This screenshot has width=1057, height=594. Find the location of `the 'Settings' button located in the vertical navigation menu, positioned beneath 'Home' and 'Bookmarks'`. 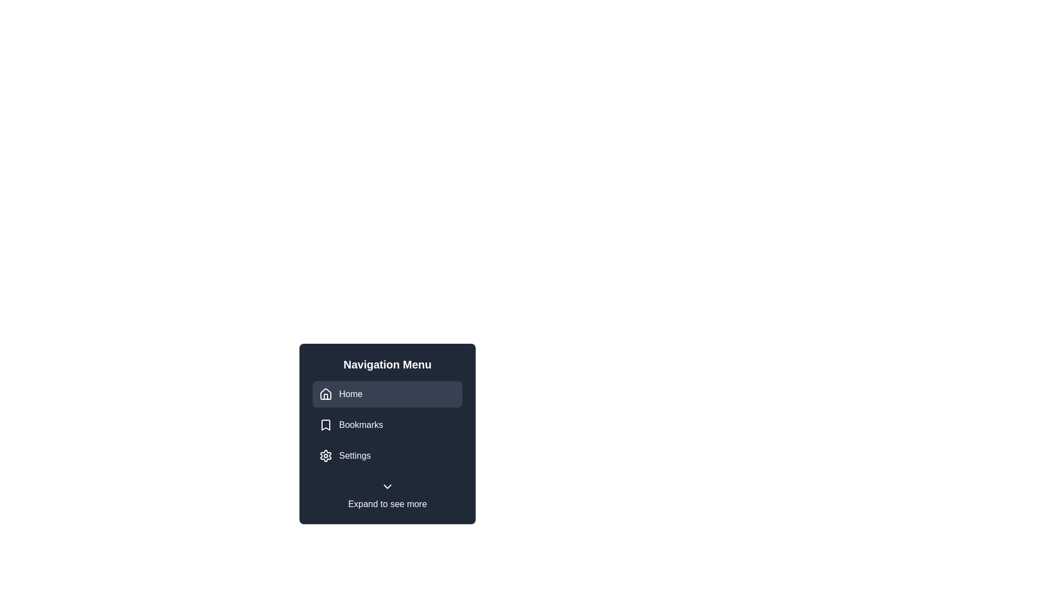

the 'Settings' button located in the vertical navigation menu, positioned beneath 'Home' and 'Bookmarks' is located at coordinates (388, 456).